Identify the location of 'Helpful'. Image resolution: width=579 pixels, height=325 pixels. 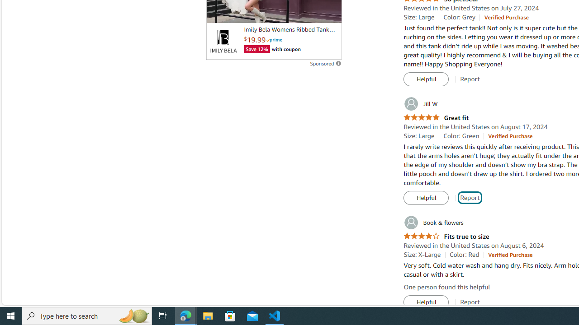
(426, 302).